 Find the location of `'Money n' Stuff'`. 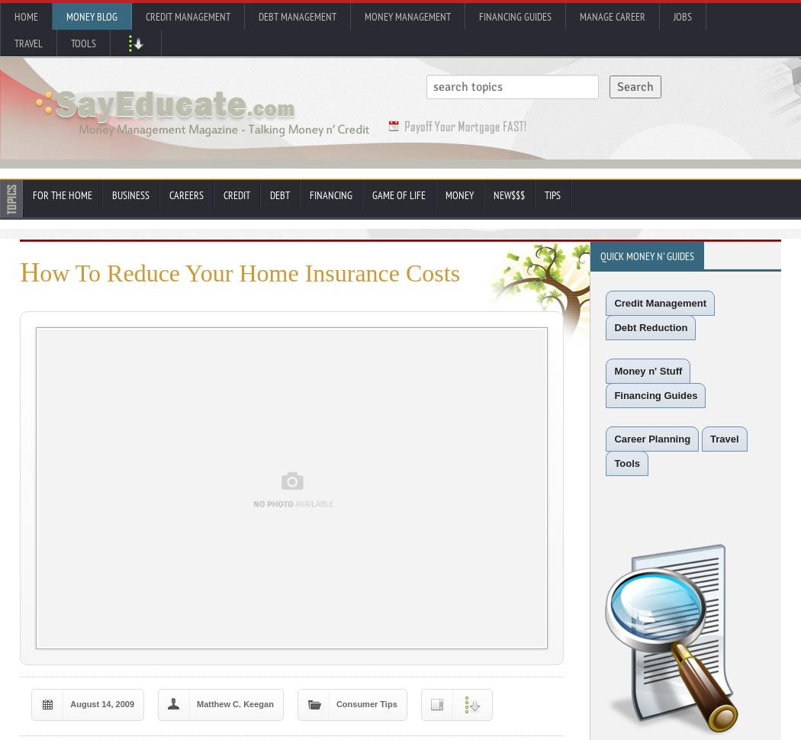

'Money n' Stuff' is located at coordinates (648, 371).